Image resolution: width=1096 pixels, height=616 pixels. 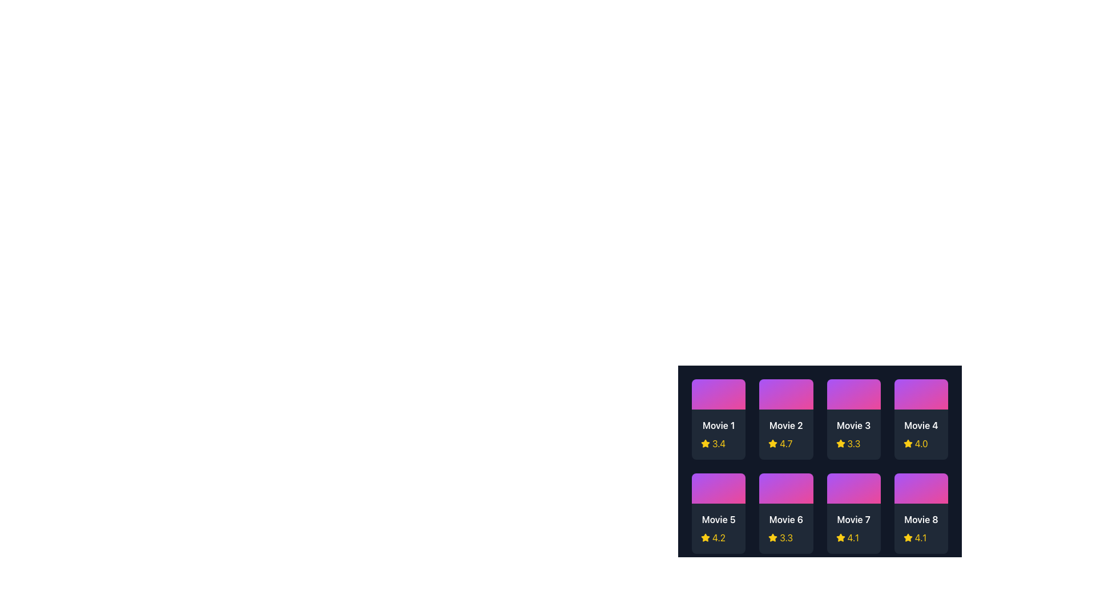 What do you see at coordinates (718, 538) in the screenshot?
I see `numeric rating value of '4.2' displayed next to the yellow star icon in the rating display under the card labeled 'Movie 5'` at bounding box center [718, 538].